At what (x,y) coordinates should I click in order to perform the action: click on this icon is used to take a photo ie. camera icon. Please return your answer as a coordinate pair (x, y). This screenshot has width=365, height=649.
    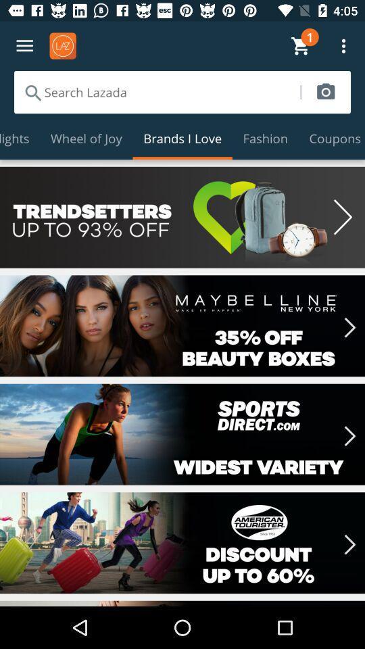
    Looking at the image, I should click on (325, 91).